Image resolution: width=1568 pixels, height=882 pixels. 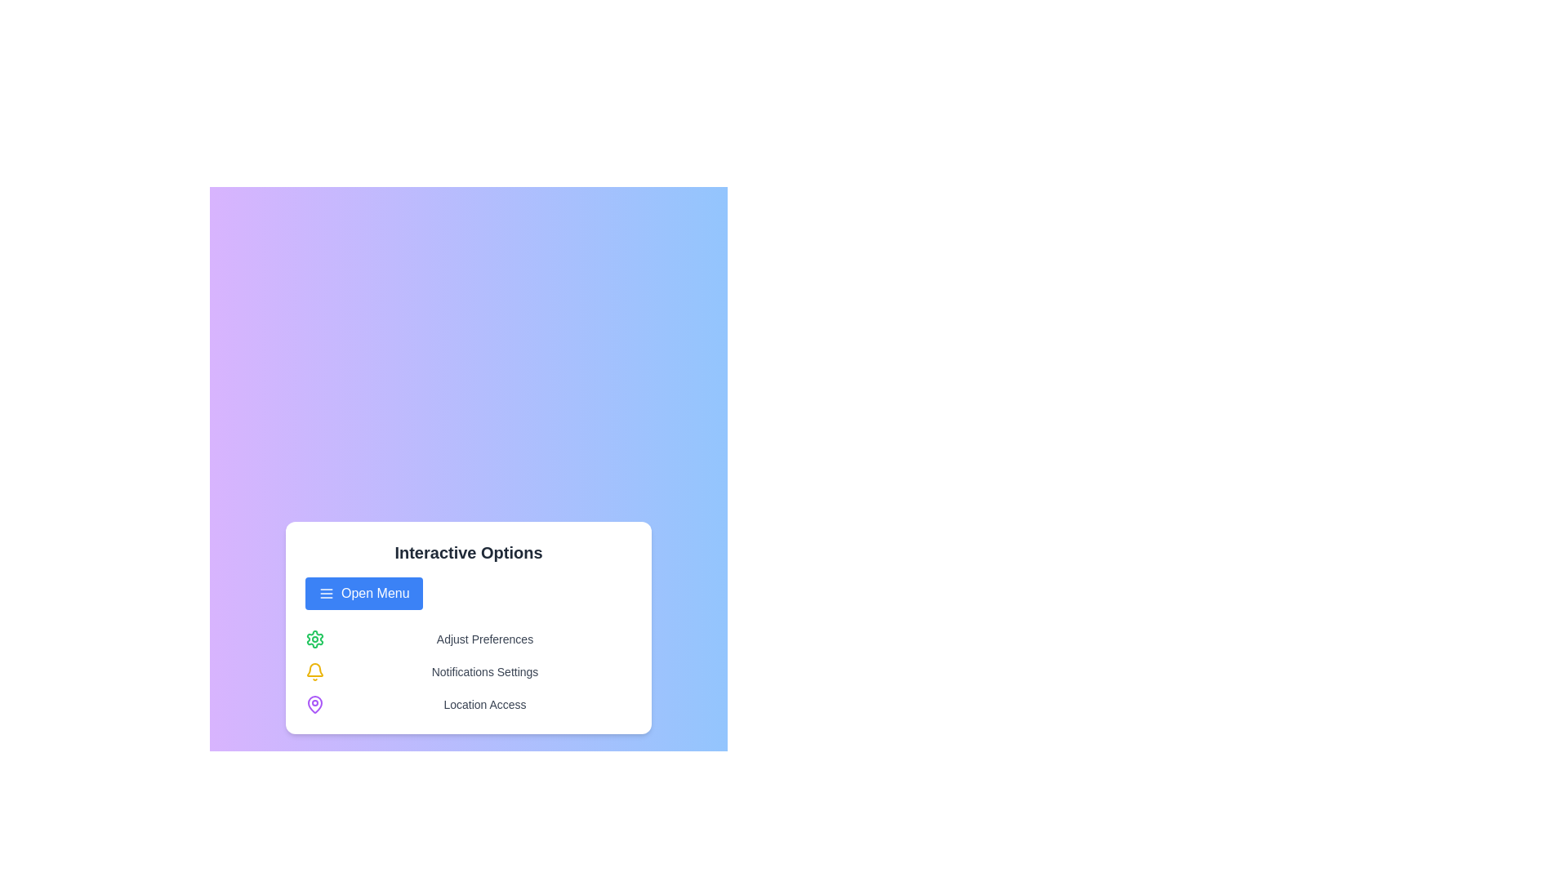 I want to click on the hamburger menu icon, which consists of three evenly spaced horizontal lines styled in black, located inside the 'Open Menu' button on the left side before the button's text label, so click(x=326, y=593).